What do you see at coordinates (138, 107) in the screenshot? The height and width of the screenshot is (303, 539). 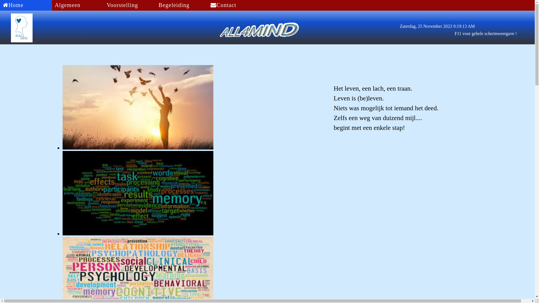 I see `'image11'` at bounding box center [138, 107].